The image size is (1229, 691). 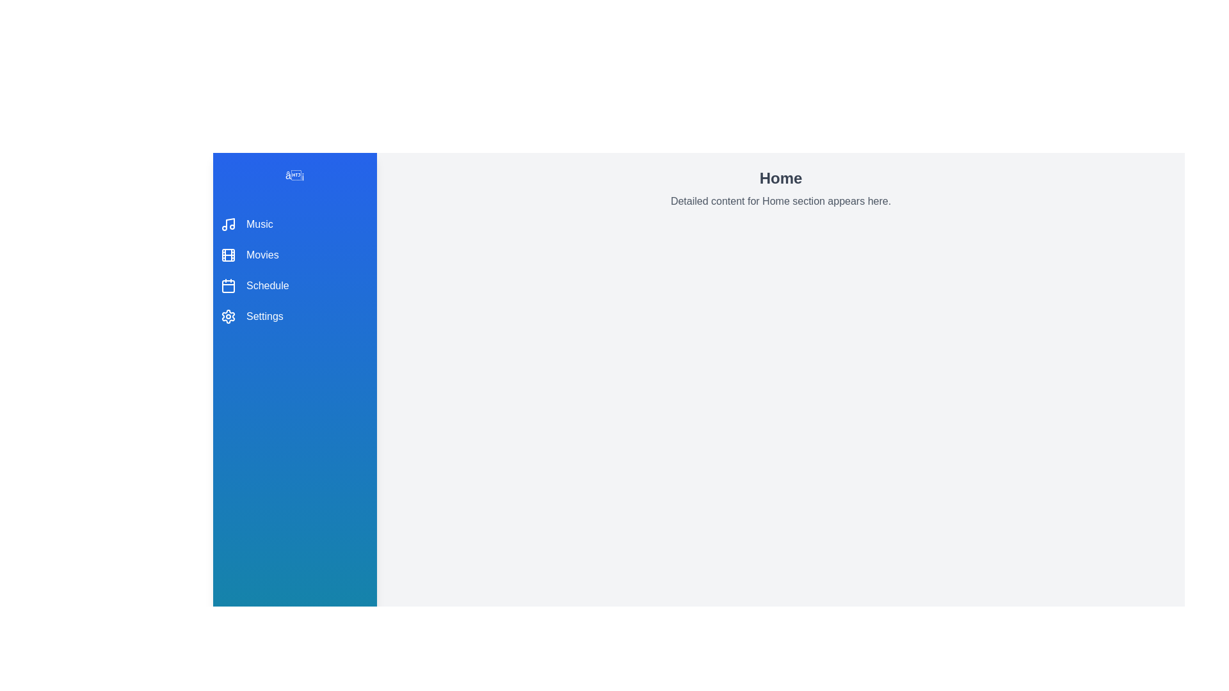 What do you see at coordinates (294, 175) in the screenshot?
I see `the toggle button to toggle the menu visibility` at bounding box center [294, 175].